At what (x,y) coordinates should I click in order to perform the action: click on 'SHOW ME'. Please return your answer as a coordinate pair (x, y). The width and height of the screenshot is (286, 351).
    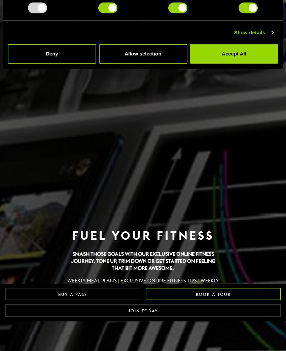
    Looking at the image, I should click on (129, 310).